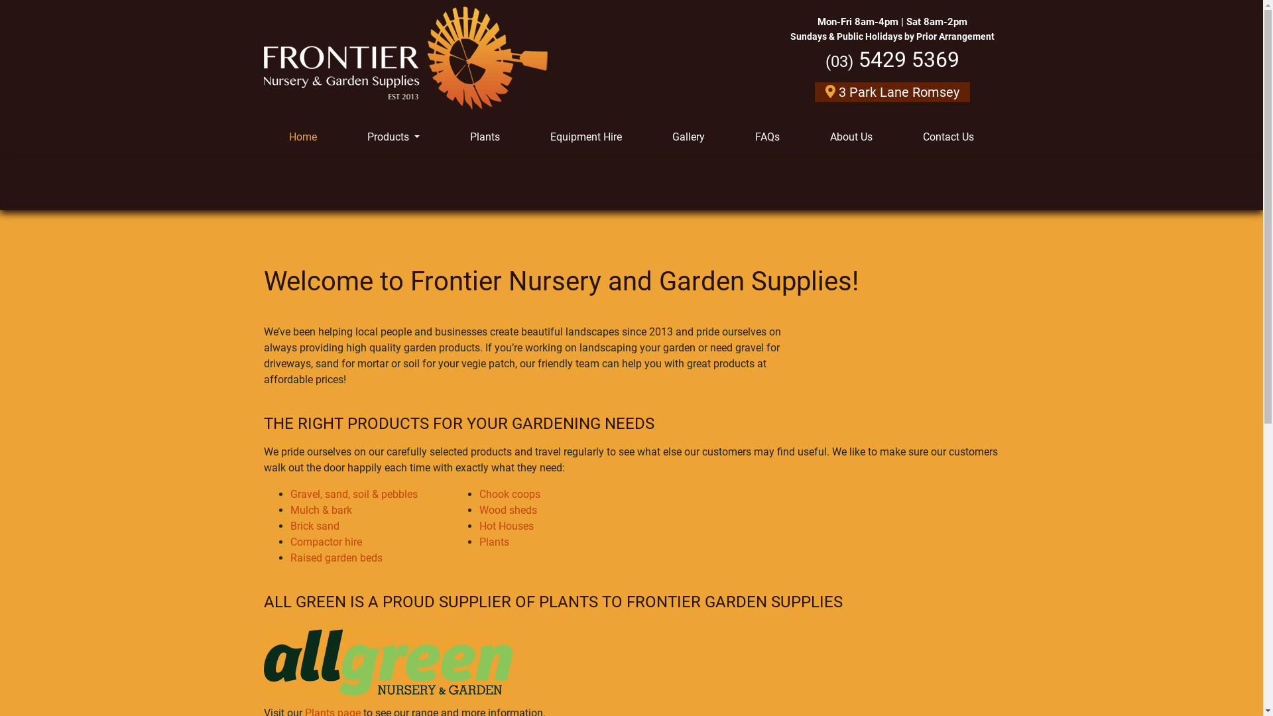 The height and width of the screenshot is (716, 1273). What do you see at coordinates (336, 558) in the screenshot?
I see `'Raised garden beds'` at bounding box center [336, 558].